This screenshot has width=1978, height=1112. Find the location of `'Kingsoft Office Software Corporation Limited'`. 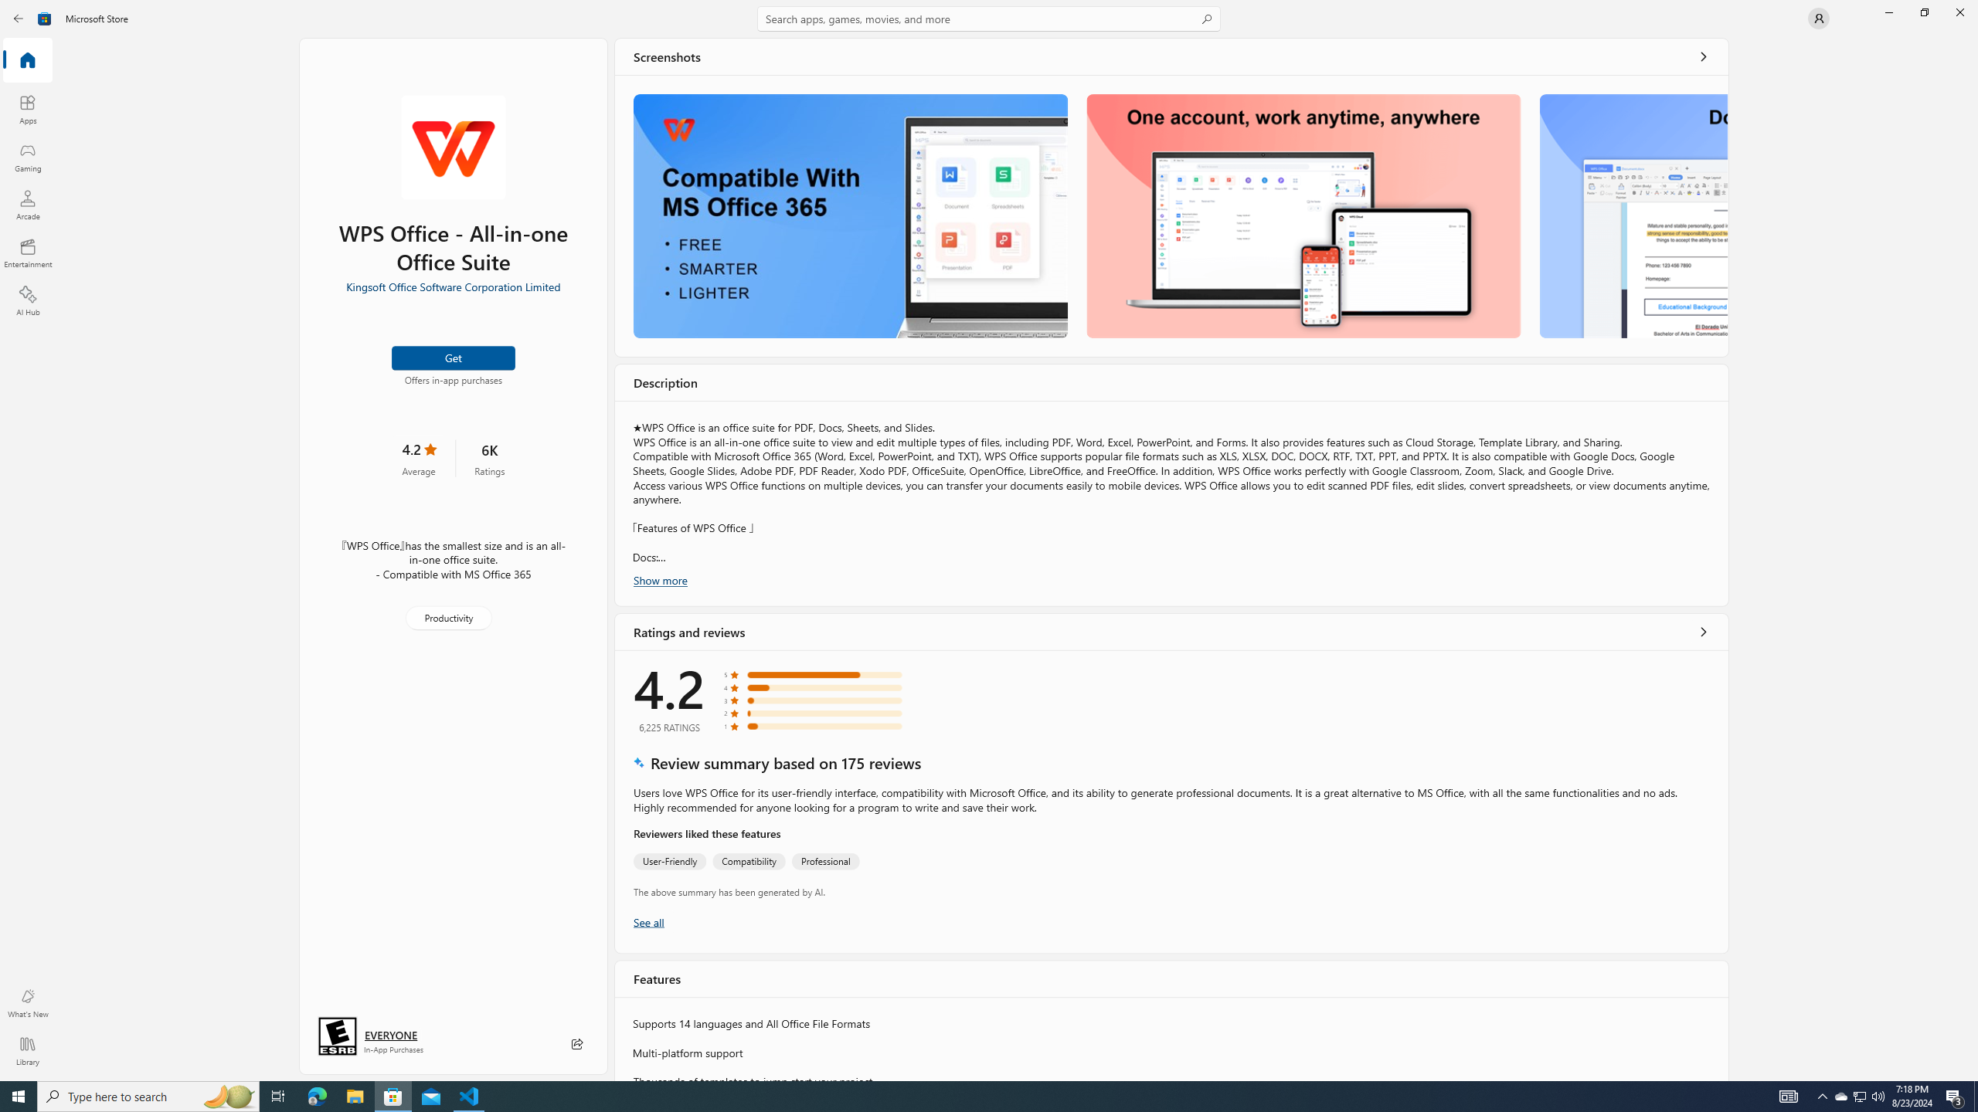

'Kingsoft Office Software Corporation Limited' is located at coordinates (453, 285).